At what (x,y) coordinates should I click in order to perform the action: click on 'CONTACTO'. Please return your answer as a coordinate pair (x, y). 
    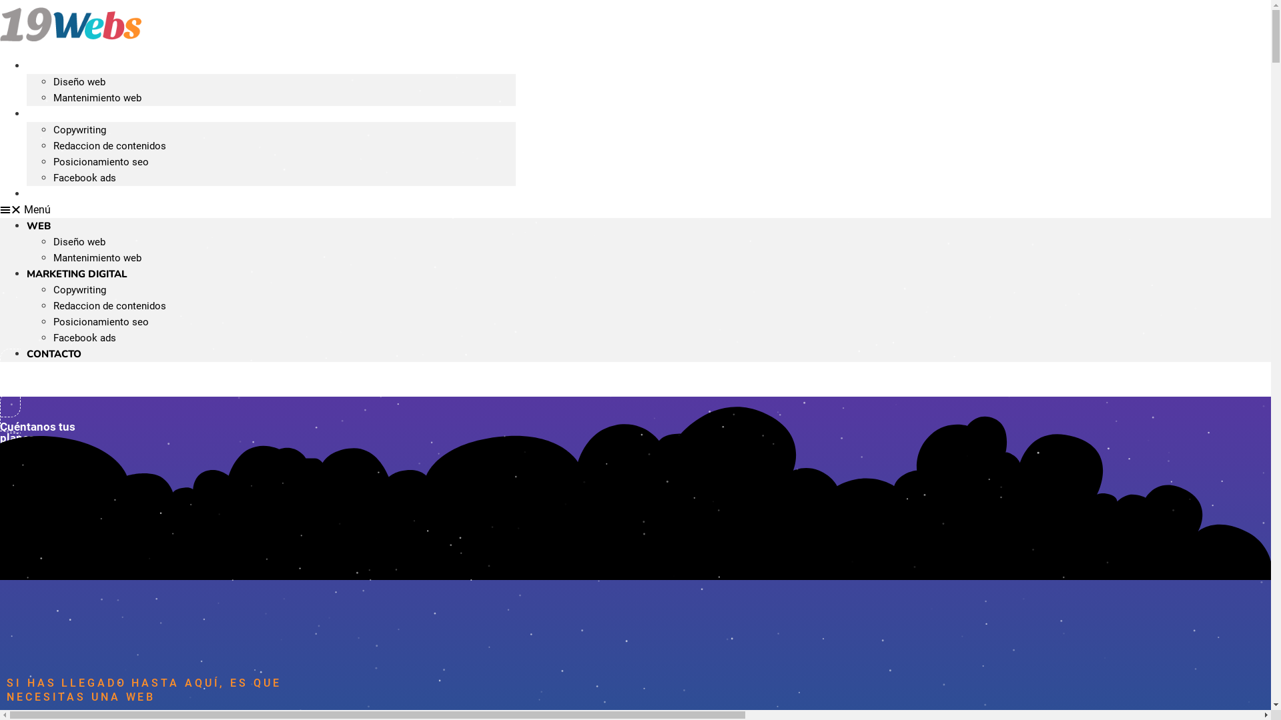
    Looking at the image, I should click on (53, 353).